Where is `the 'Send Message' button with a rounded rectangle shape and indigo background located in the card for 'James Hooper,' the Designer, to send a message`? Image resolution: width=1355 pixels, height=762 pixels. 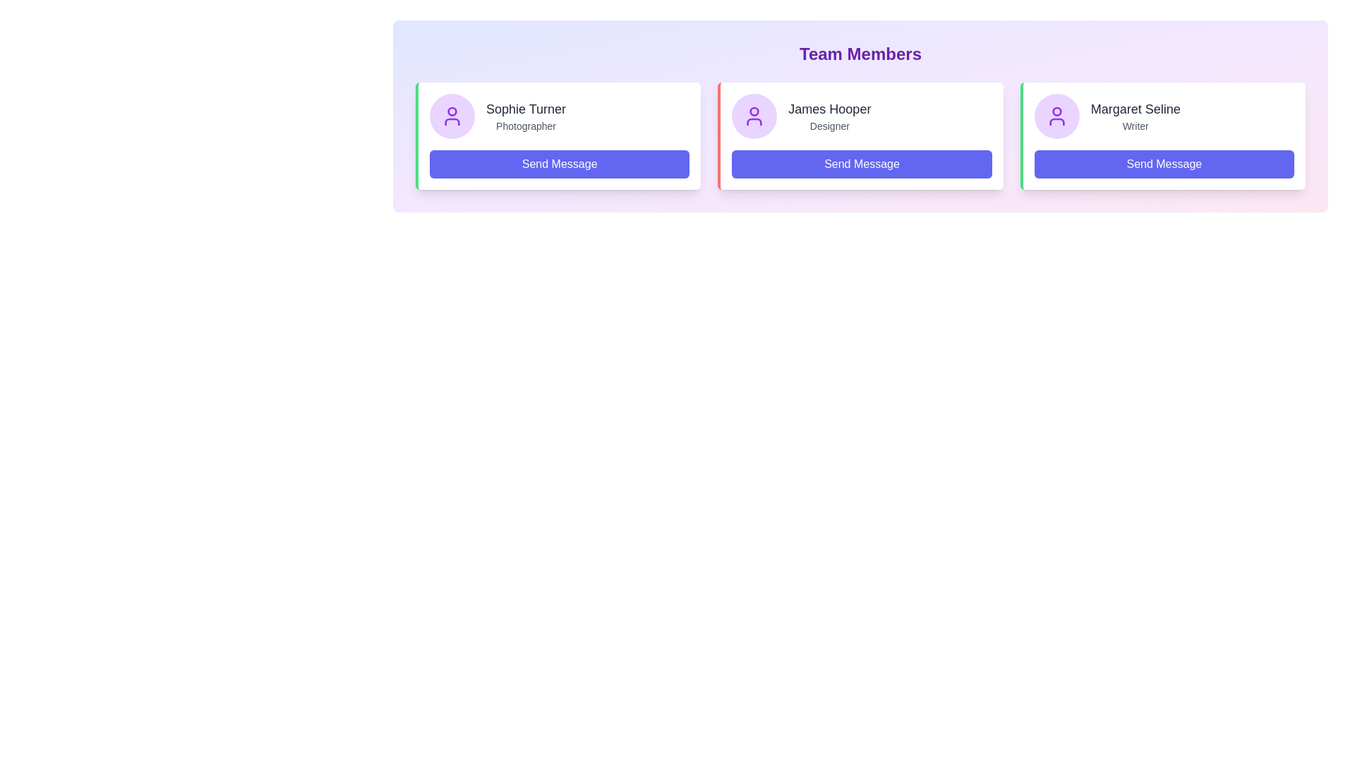
the 'Send Message' button with a rounded rectangle shape and indigo background located in the card for 'James Hooper,' the Designer, to send a message is located at coordinates (861, 163).